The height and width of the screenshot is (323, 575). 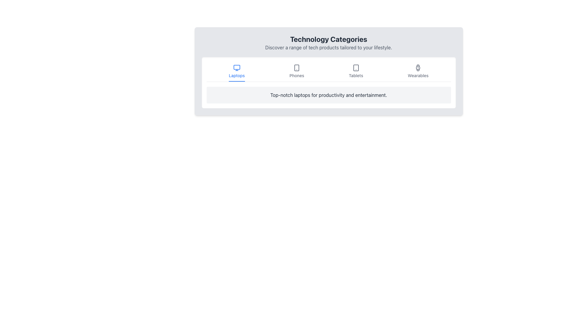 What do you see at coordinates (297, 75) in the screenshot?
I see `to select the 'Phones' category from the horizontal menu, which is the second item from the left, displayed in a small and bold font beneath a smartphone icon` at bounding box center [297, 75].